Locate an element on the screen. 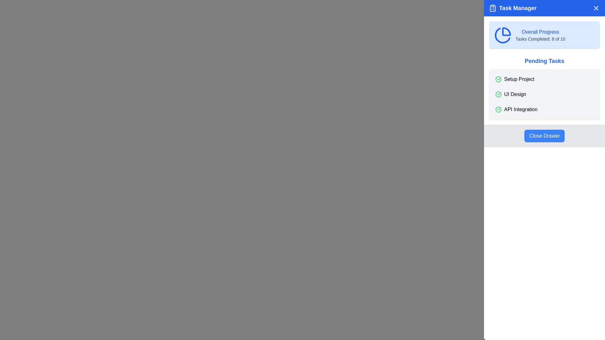  the text label representing the task 'UI Design' in the task list, which is the second entry in the panel on the right side of the page is located at coordinates (515, 94).